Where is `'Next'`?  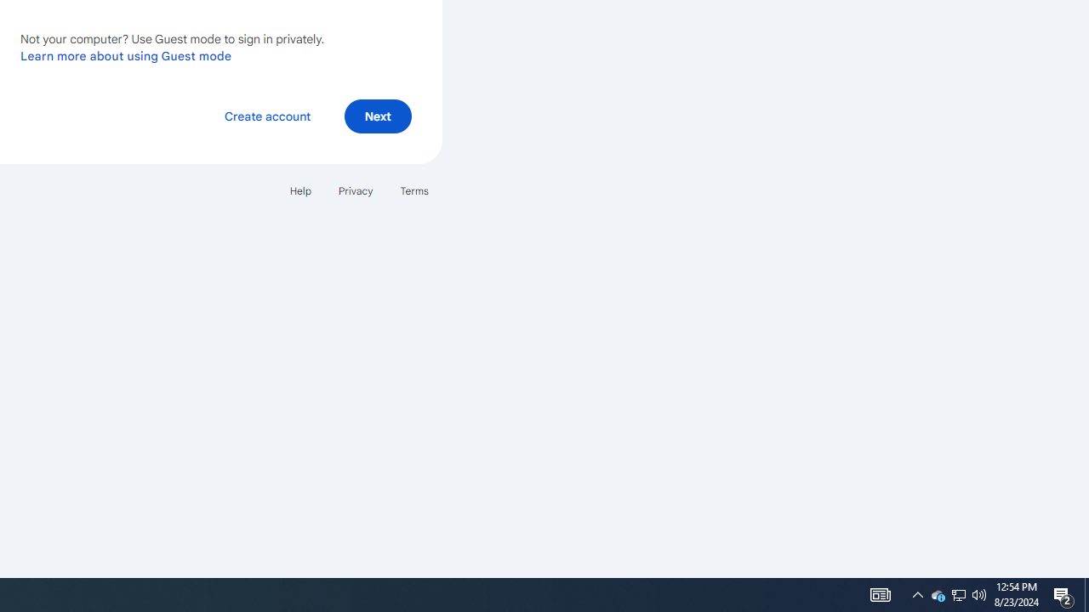 'Next' is located at coordinates (377, 115).